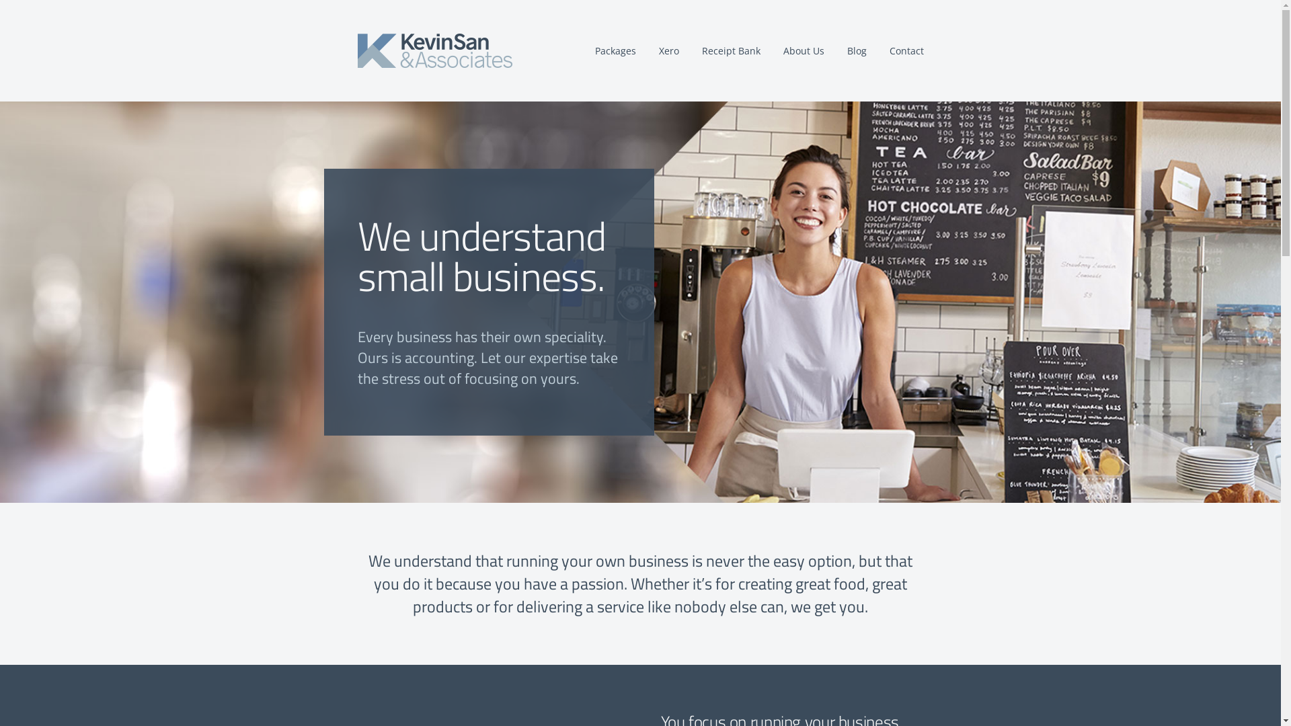  What do you see at coordinates (668, 50) in the screenshot?
I see `'Xero'` at bounding box center [668, 50].